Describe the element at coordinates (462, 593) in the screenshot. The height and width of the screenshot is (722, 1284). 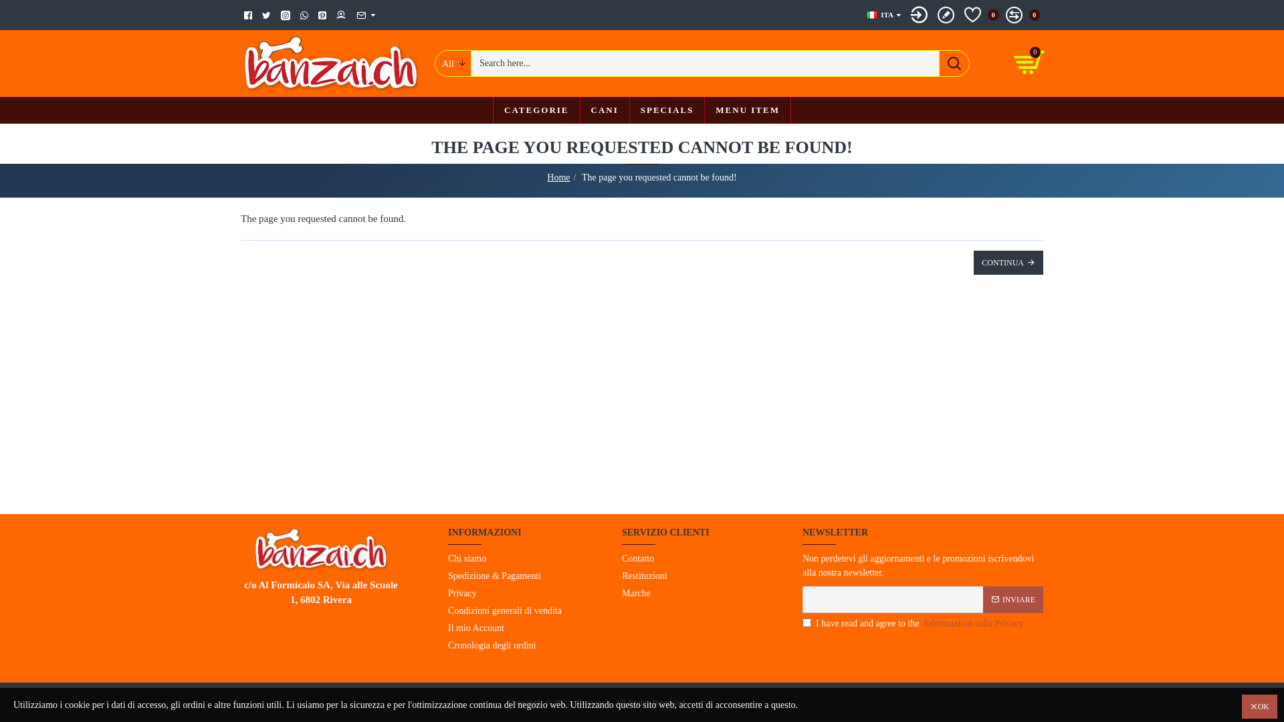
I see `'Privacy'` at that location.